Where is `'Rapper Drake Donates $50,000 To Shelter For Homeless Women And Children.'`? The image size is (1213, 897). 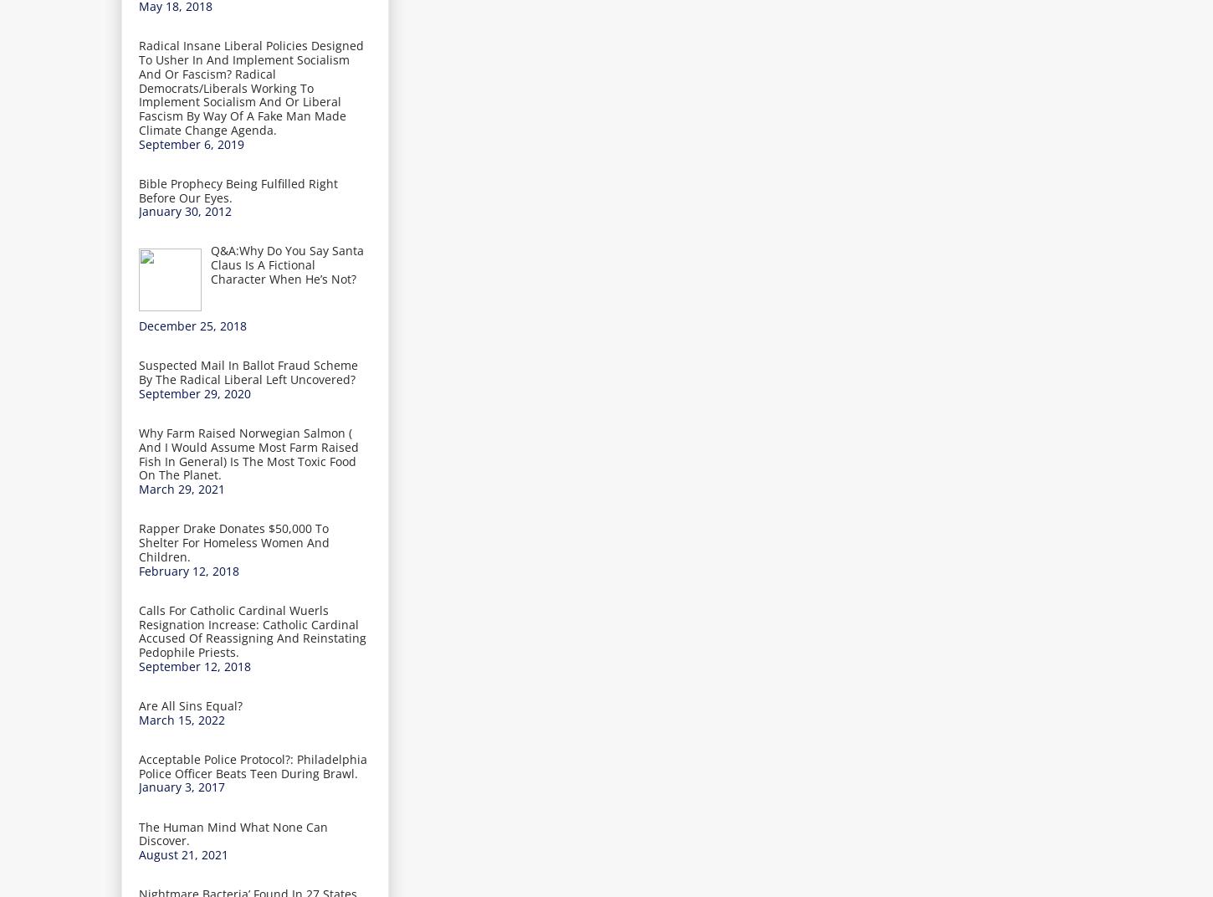
'Rapper Drake Donates $50,000 To Shelter For Homeless Women And Children.' is located at coordinates (138, 542).